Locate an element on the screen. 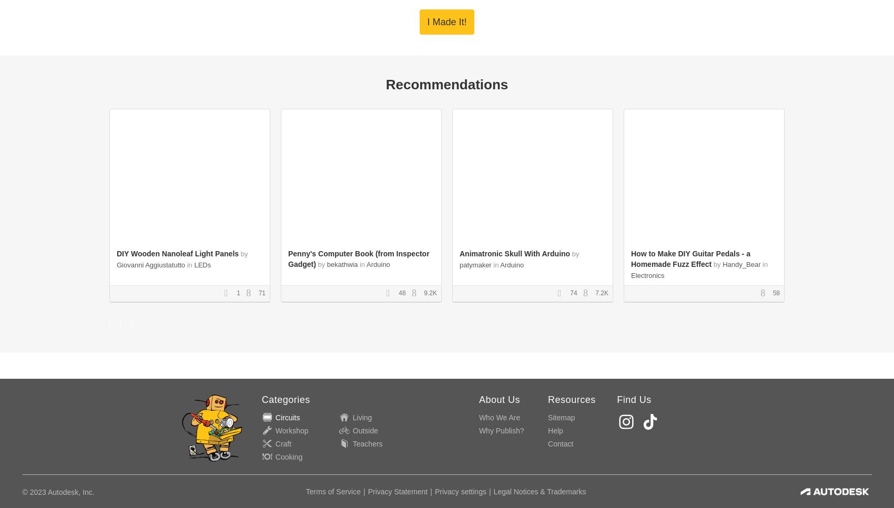 The width and height of the screenshot is (894, 508). 'Legal Notices & Trademarks' is located at coordinates (539, 491).